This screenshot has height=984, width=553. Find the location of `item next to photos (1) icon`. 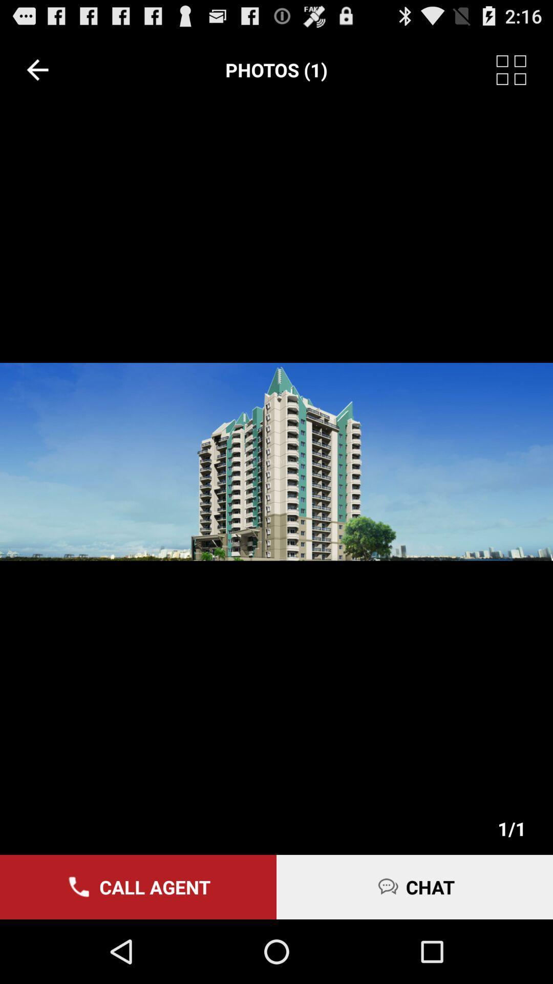

item next to photos (1) icon is located at coordinates (37, 69).